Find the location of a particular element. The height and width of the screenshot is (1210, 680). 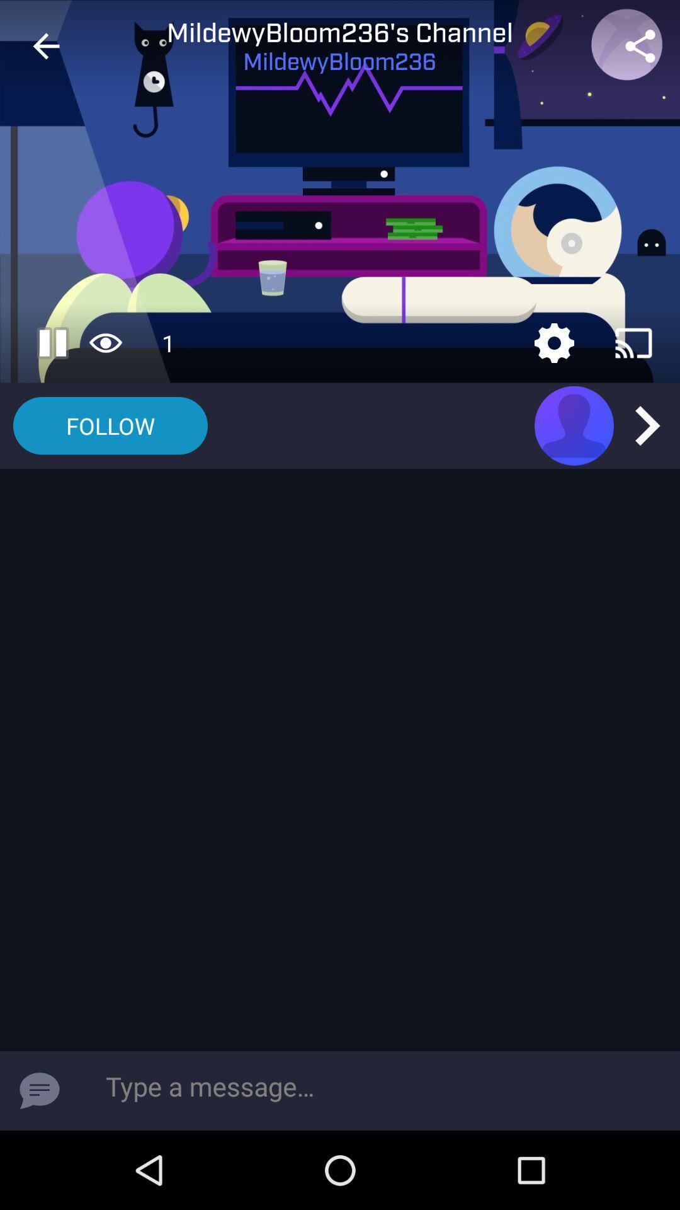

the settings icon is located at coordinates (553, 343).